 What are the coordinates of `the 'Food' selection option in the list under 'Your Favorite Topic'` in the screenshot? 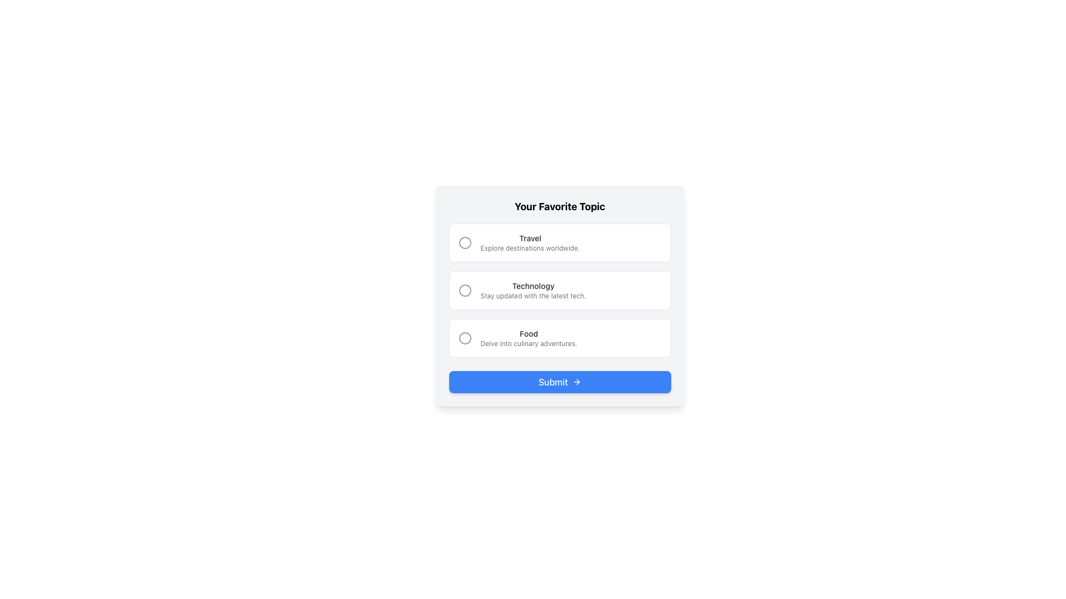 It's located at (560, 337).